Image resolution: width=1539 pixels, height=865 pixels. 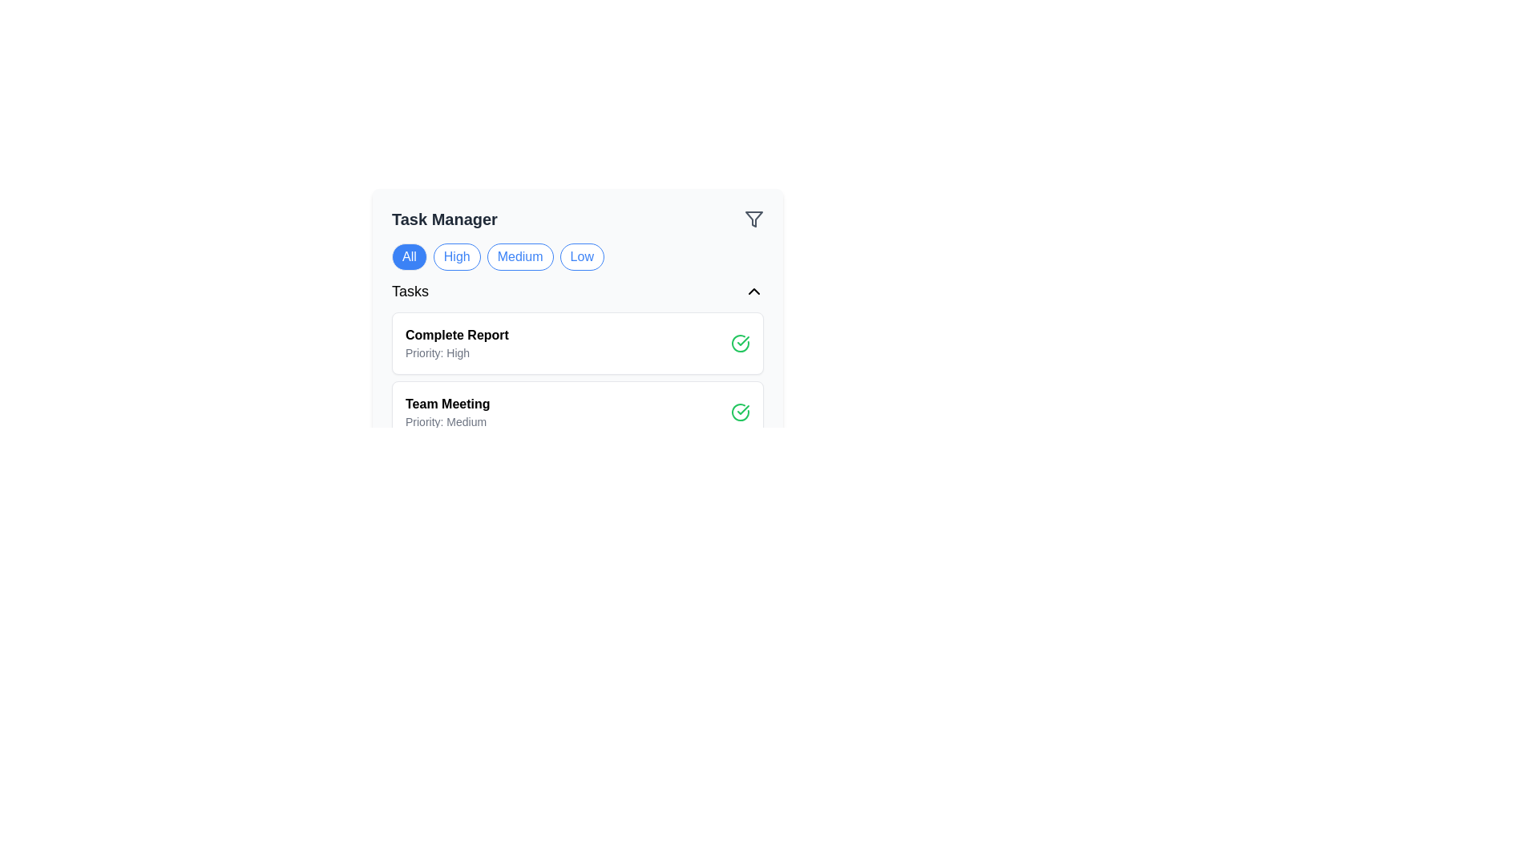 I want to click on the filter funnel SVG icon located in the header section of the 'Task Manager', adjacent to the title, so click(x=753, y=219).